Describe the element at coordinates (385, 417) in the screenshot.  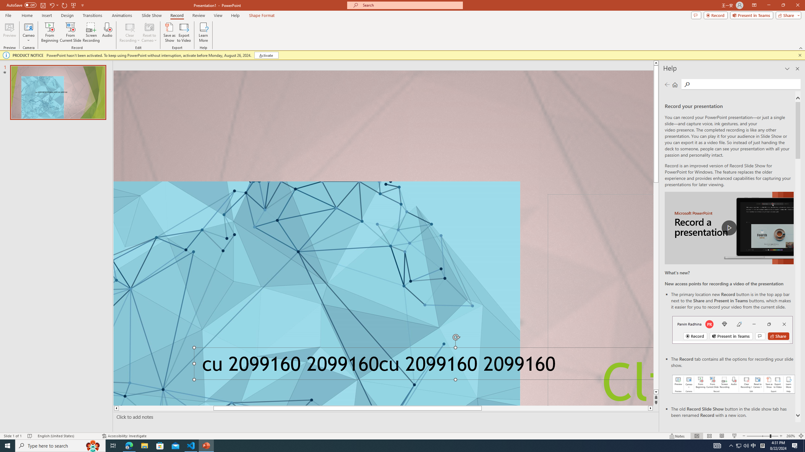
I see `'Slide Notes'` at that location.